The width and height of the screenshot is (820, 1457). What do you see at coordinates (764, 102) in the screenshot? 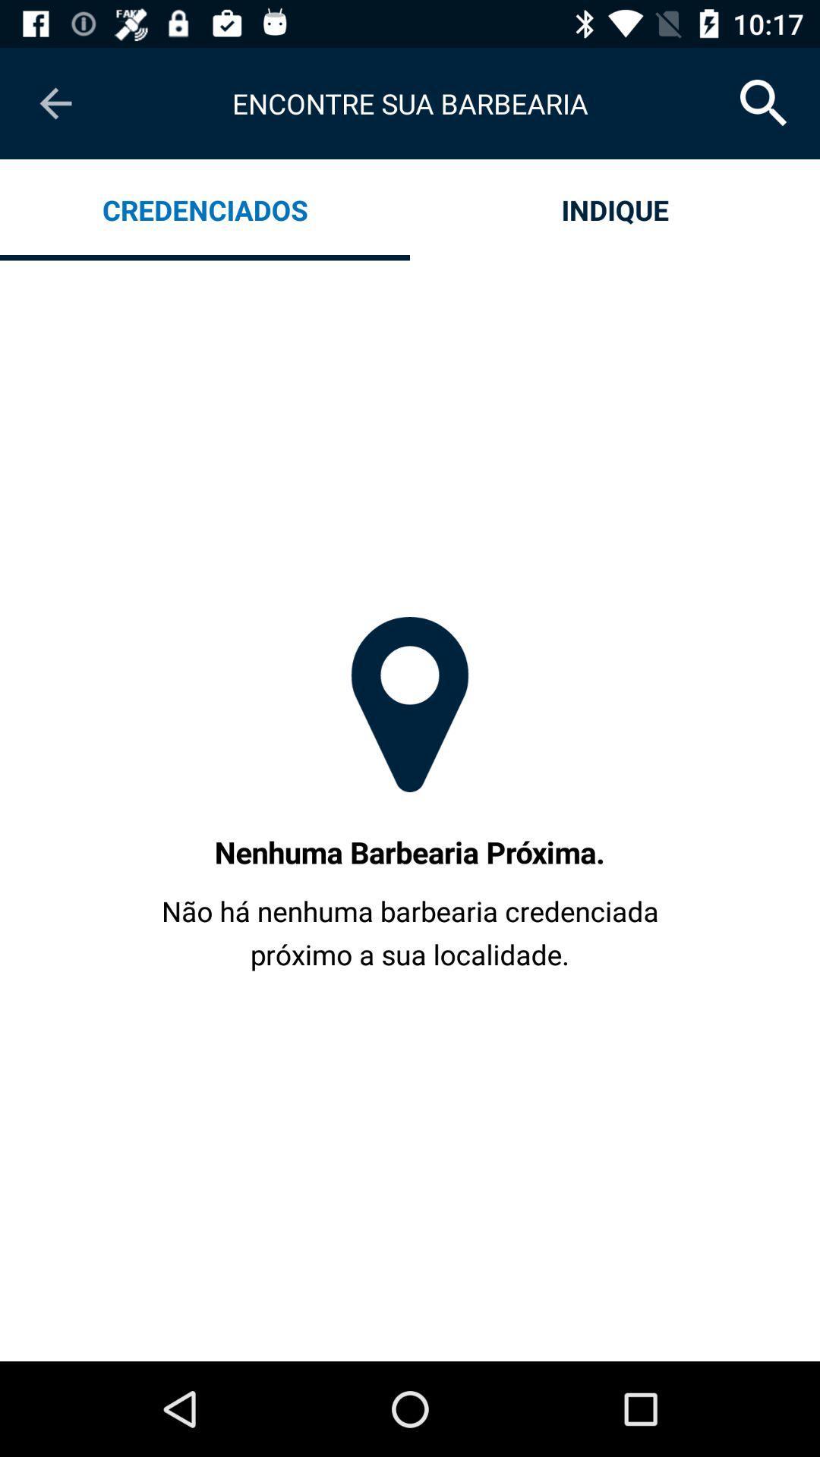
I see `the app above indique app` at bounding box center [764, 102].